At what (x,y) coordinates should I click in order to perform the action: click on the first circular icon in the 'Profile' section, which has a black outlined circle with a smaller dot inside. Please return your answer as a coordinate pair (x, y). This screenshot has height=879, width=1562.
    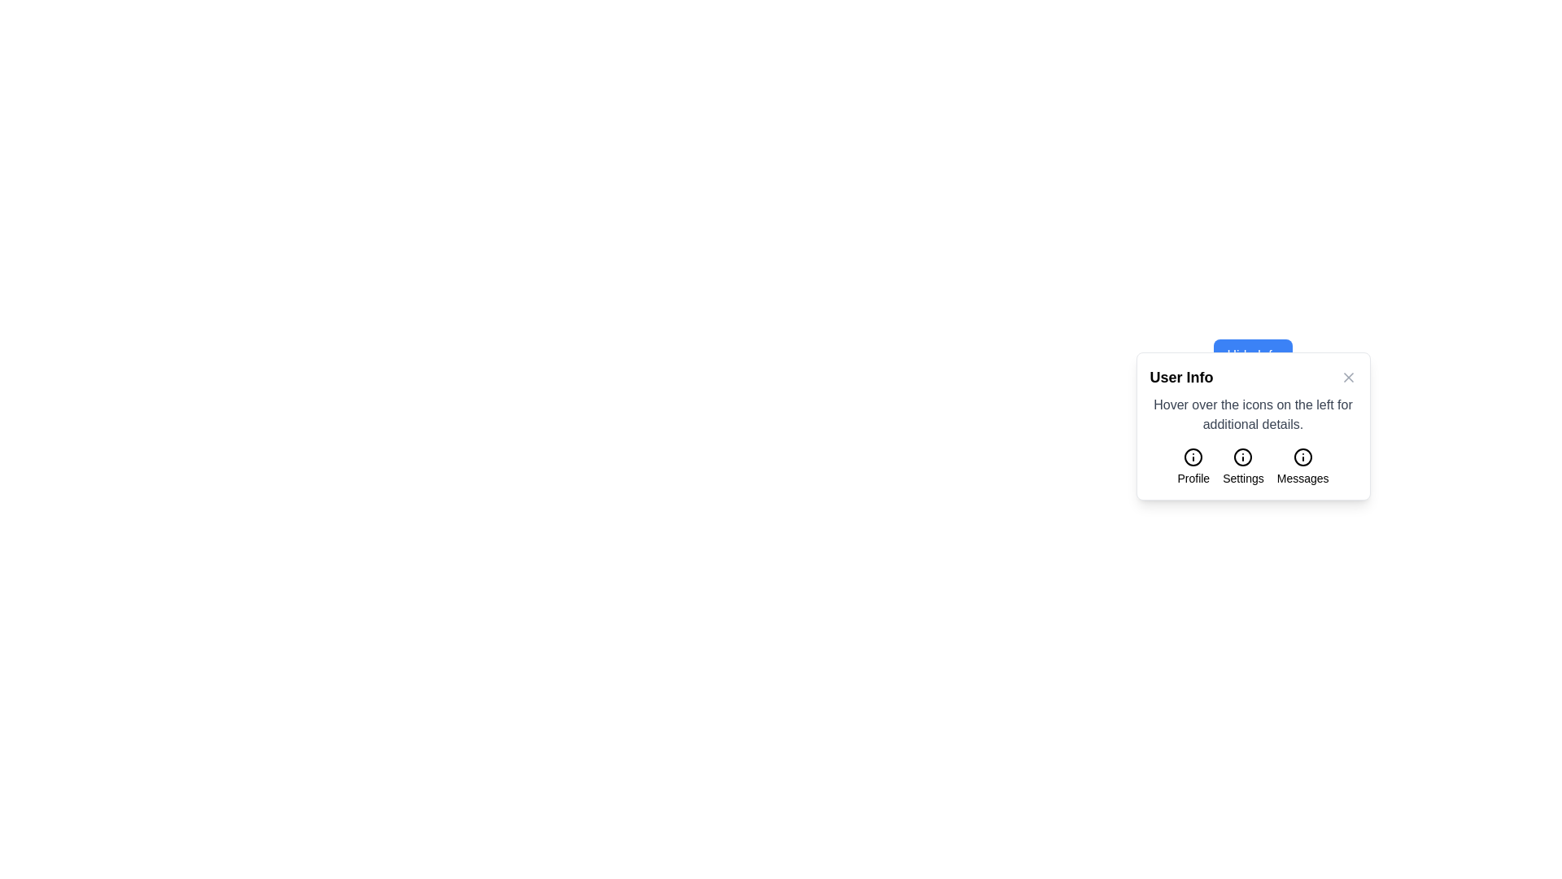
    Looking at the image, I should click on (1193, 457).